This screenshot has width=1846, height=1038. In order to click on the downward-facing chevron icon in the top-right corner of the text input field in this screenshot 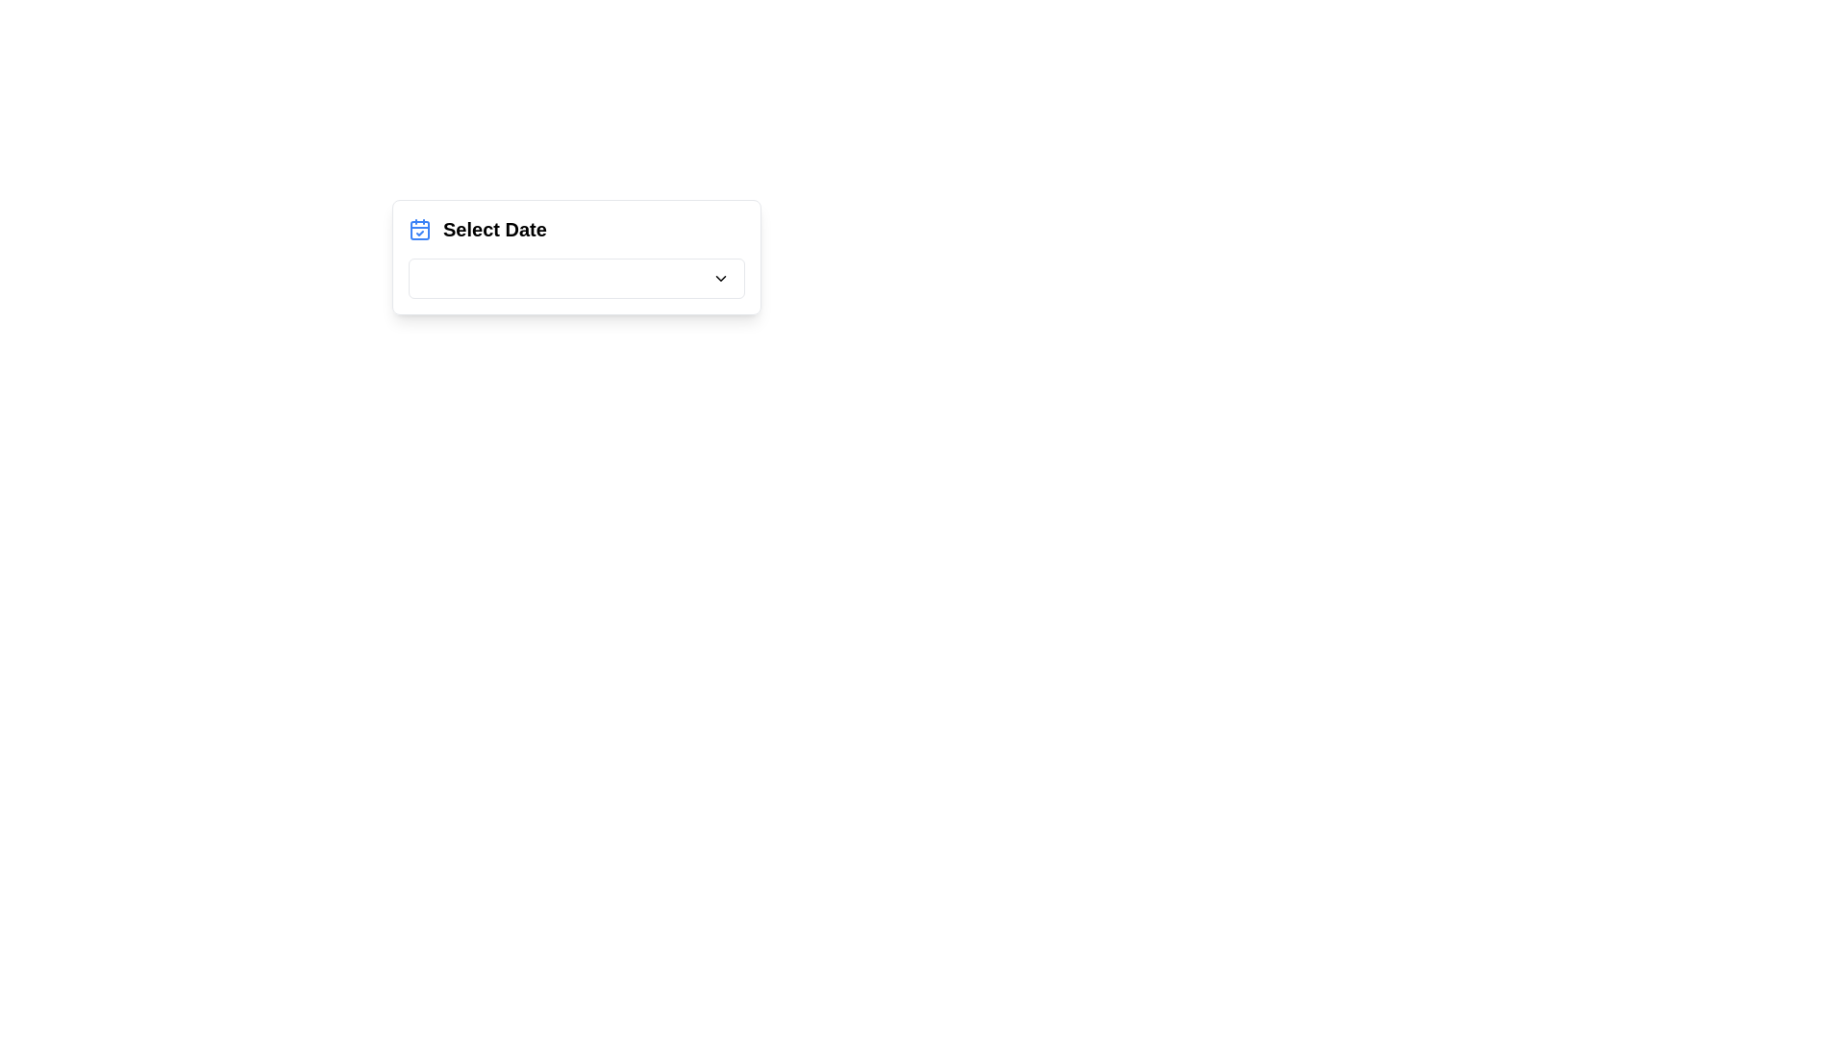, I will do `click(719, 278)`.